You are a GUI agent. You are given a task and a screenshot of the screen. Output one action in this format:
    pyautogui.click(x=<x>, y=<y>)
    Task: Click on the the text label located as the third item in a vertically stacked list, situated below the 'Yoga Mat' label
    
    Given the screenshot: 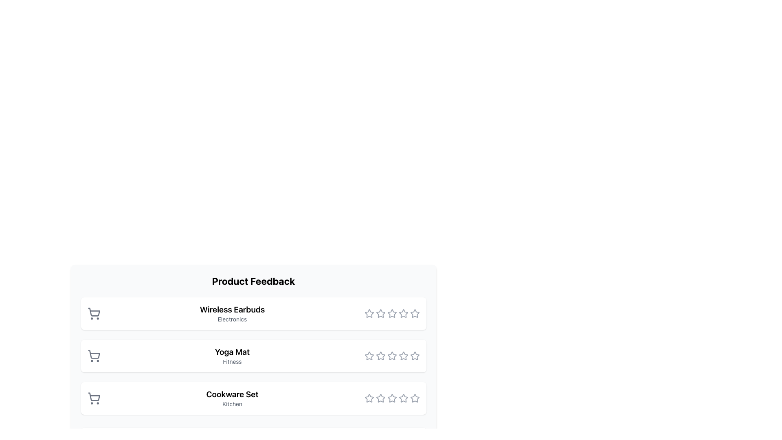 What is the action you would take?
    pyautogui.click(x=232, y=398)
    